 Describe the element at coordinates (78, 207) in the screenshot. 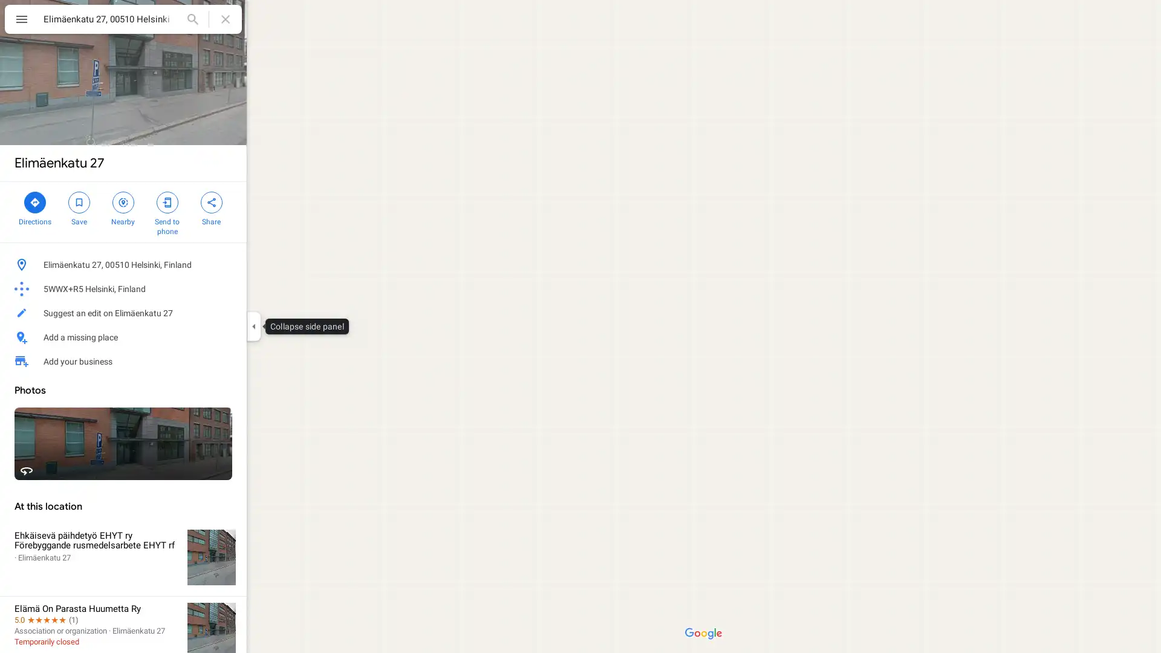

I see `Save Elimaenkatu 27 in your lists` at that location.